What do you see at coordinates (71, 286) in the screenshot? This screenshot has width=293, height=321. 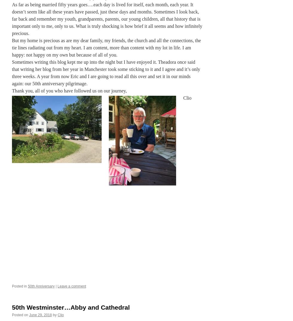 I see `'Leave a comment'` at bounding box center [71, 286].